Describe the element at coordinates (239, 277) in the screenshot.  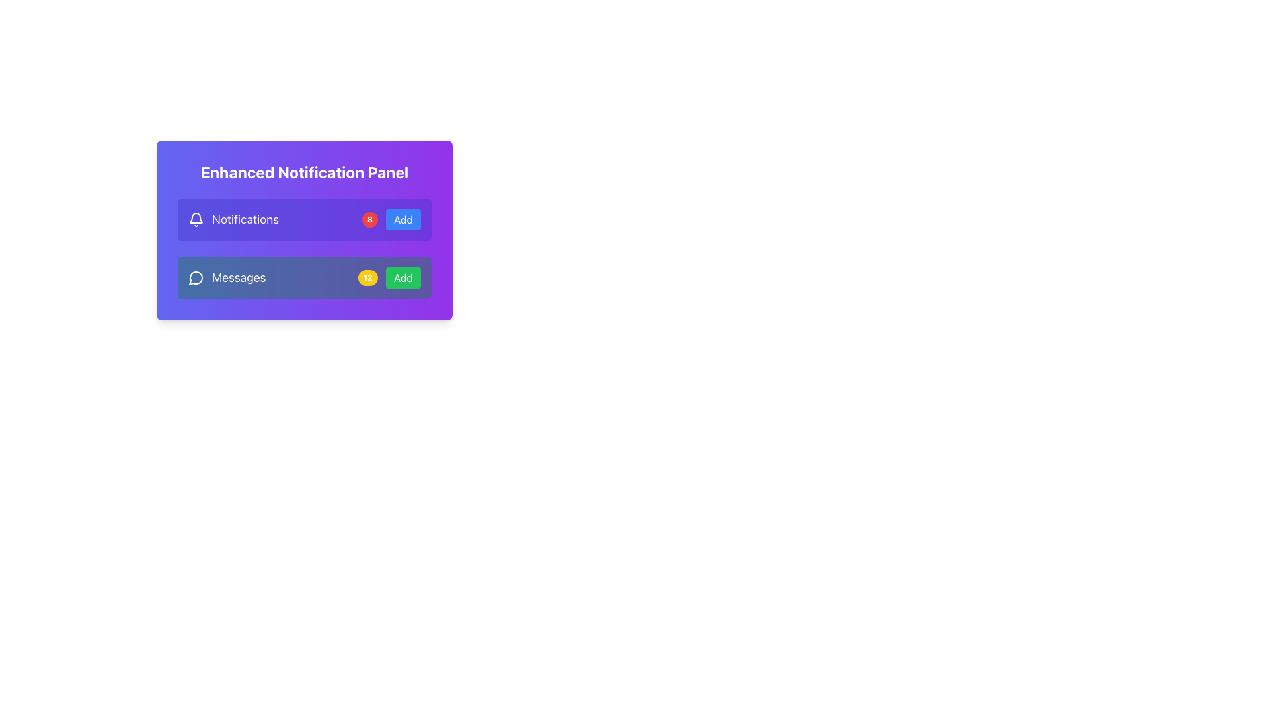
I see `the 'Messages' text label in the notification panel, which is situated to the right of a speech bubble icon and to the left of a yellow badge with the number '12.'` at that location.